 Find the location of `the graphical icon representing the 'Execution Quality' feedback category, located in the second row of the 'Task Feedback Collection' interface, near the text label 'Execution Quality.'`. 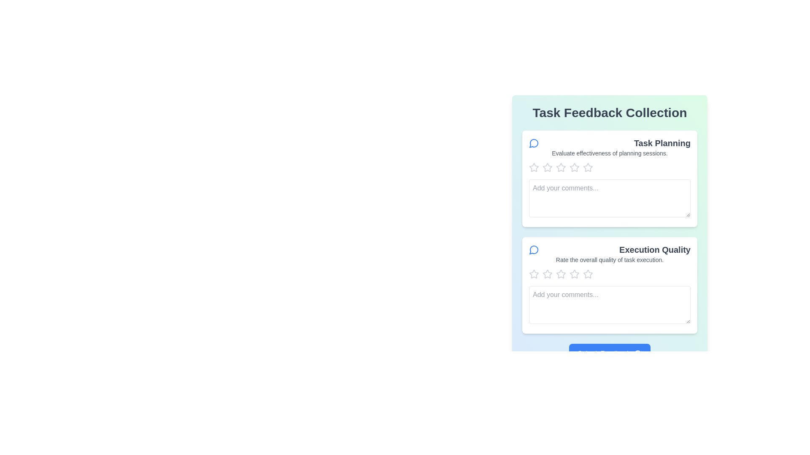

the graphical icon representing the 'Execution Quality' feedback category, located in the second row of the 'Task Feedback Collection' interface, near the text label 'Execution Quality.' is located at coordinates (533, 249).